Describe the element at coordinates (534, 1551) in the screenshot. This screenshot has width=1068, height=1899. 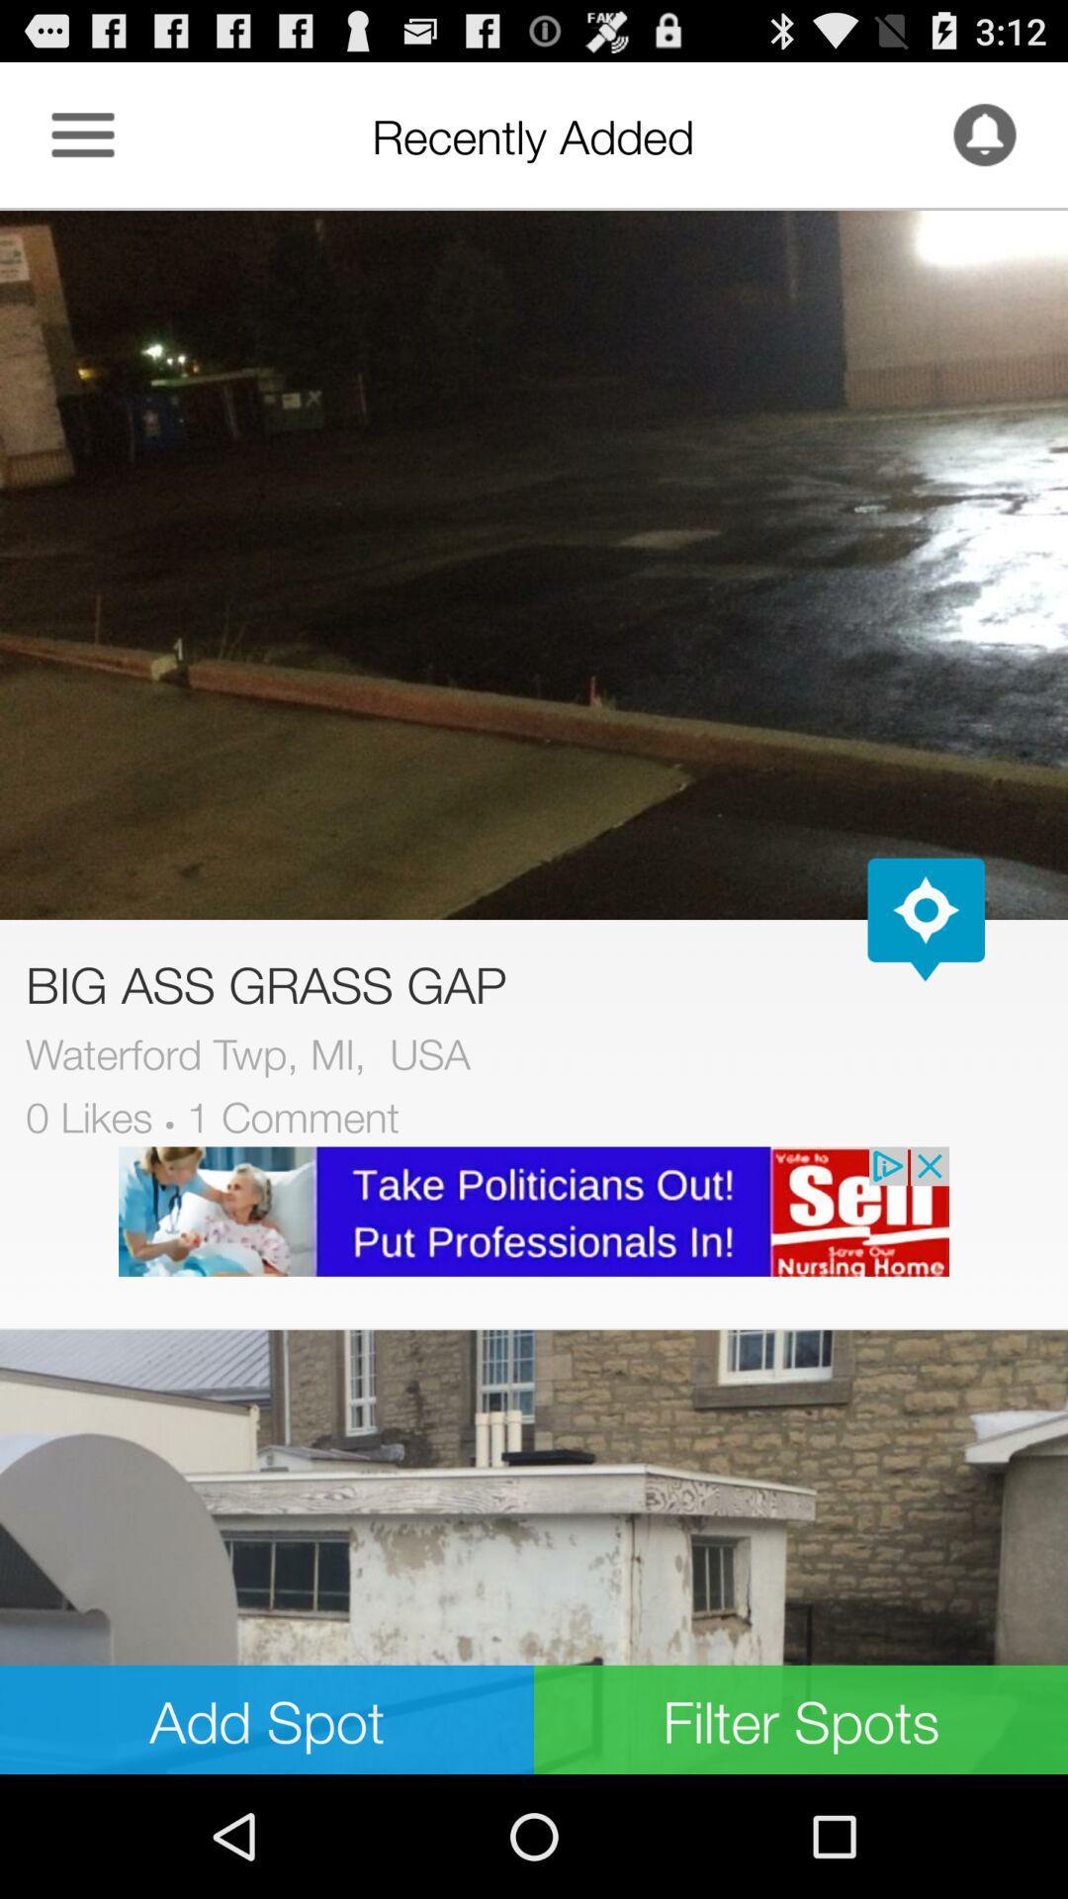
I see `image` at that location.